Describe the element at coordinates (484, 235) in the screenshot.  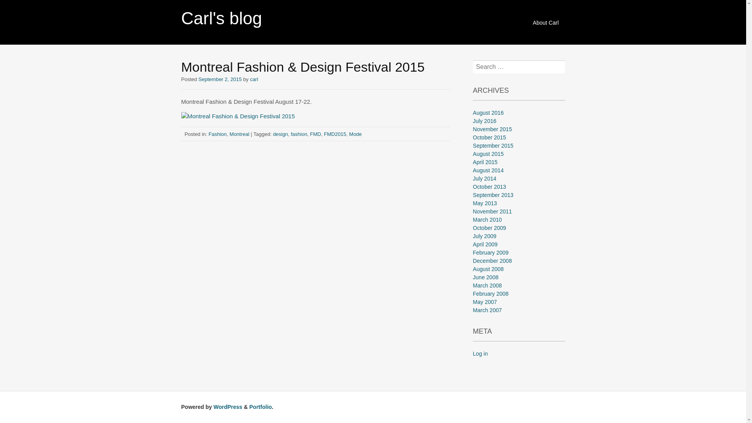
I see `'July 2009'` at that location.